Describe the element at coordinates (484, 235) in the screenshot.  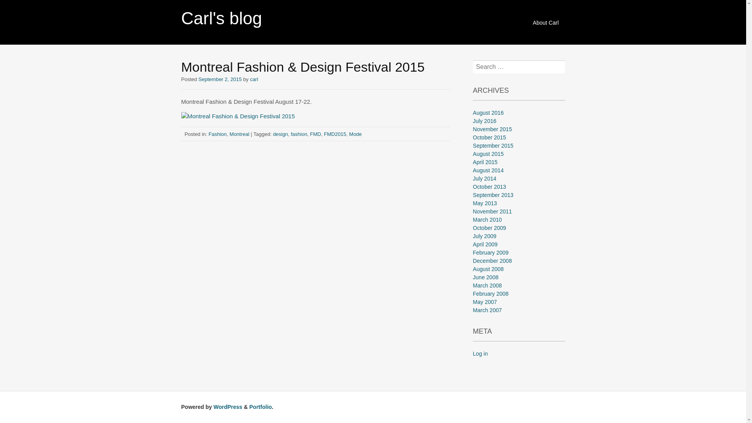
I see `'July 2009'` at that location.